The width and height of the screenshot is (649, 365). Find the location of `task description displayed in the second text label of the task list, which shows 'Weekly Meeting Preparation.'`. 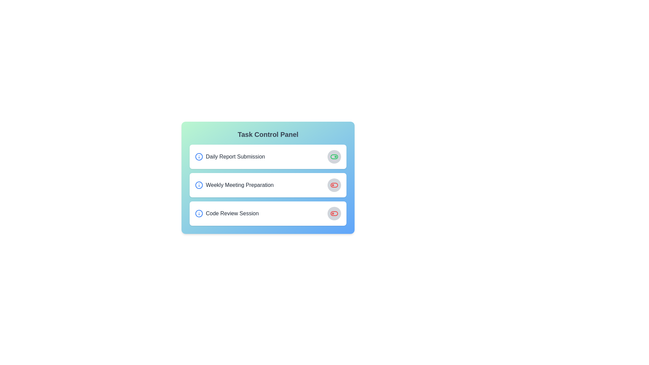

task description displayed in the second text label of the task list, which shows 'Weekly Meeting Preparation.' is located at coordinates (234, 185).